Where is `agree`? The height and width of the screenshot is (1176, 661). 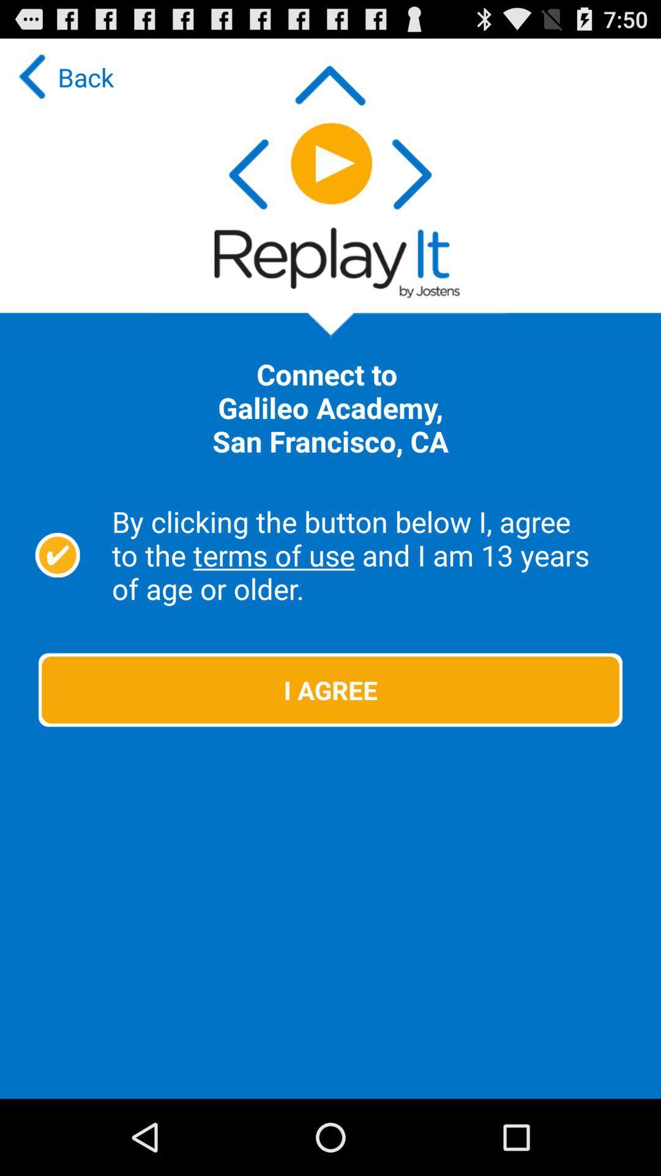 agree is located at coordinates (58, 554).